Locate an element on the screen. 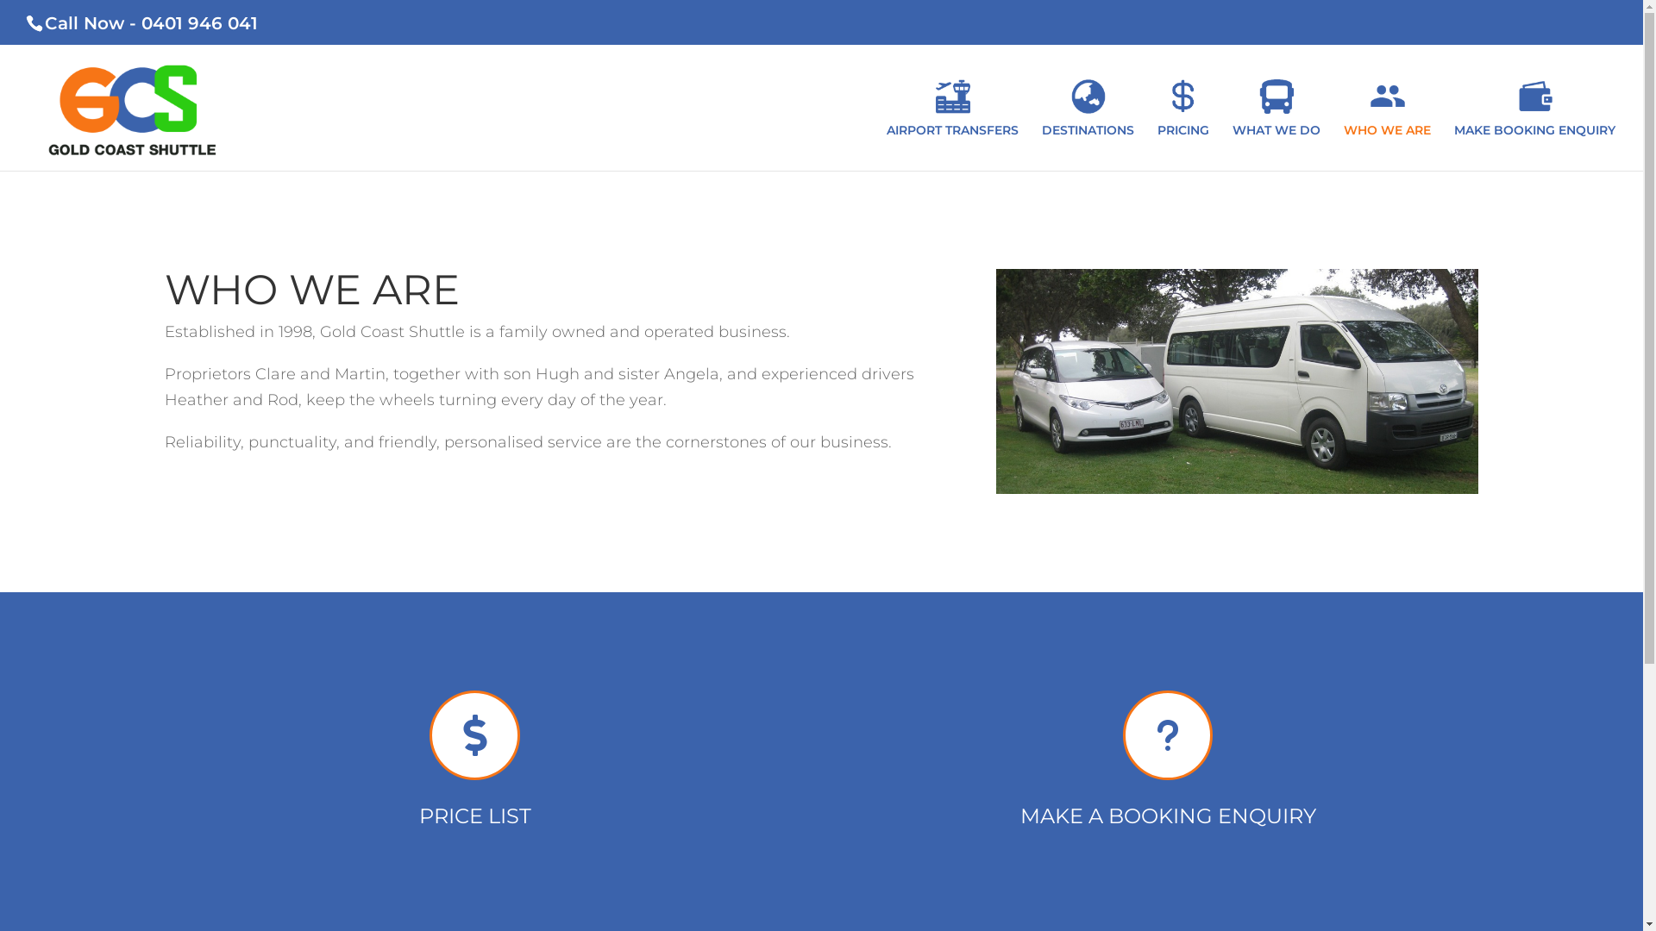 The width and height of the screenshot is (1656, 931). 'DESTINATIONS' is located at coordinates (1041, 124).